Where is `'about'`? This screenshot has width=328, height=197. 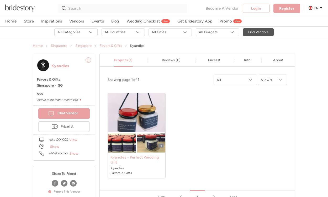
'about' is located at coordinates (273, 60).